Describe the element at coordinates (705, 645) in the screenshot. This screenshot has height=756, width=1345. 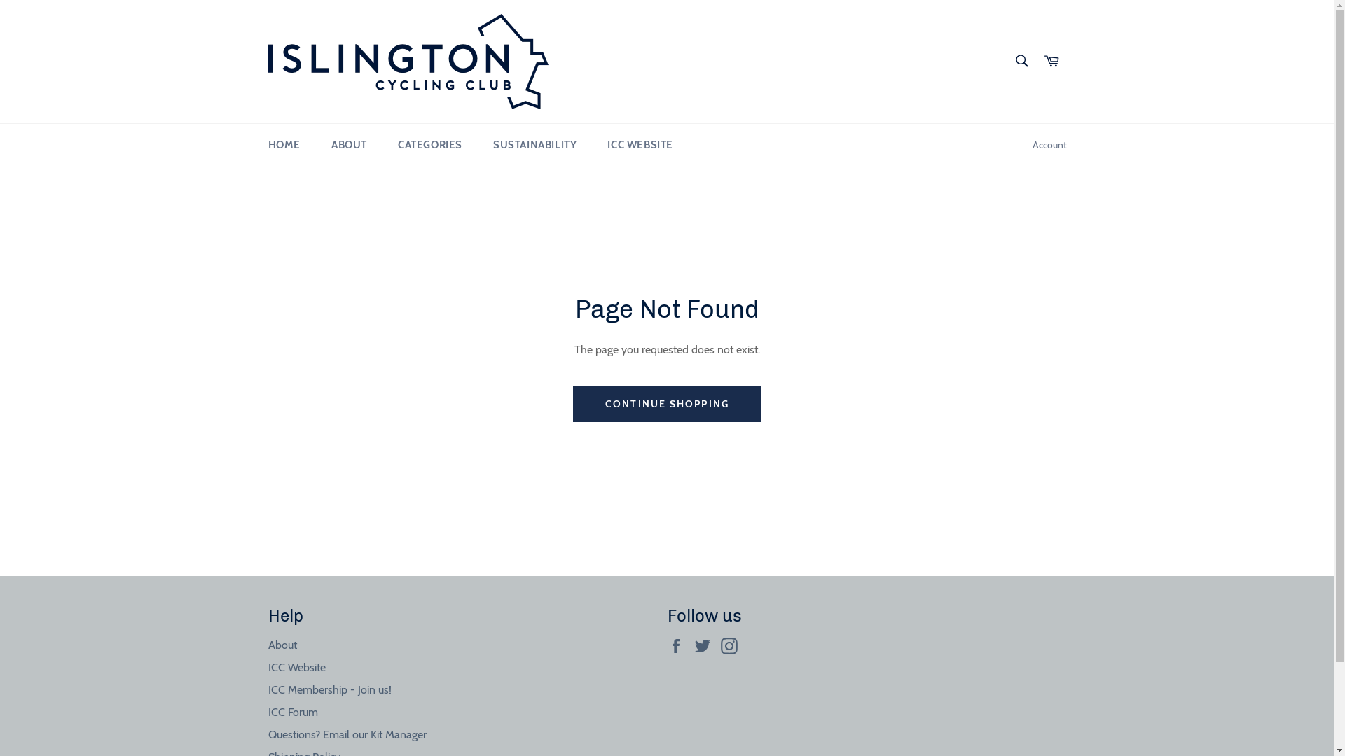
I see `'Twitter'` at that location.